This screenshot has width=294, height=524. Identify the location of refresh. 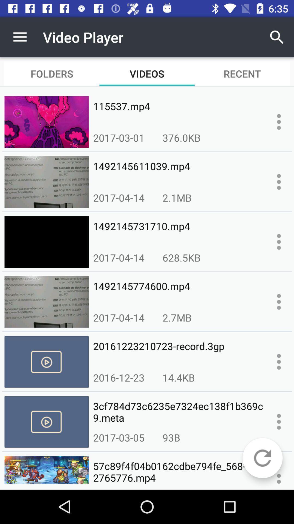
(262, 458).